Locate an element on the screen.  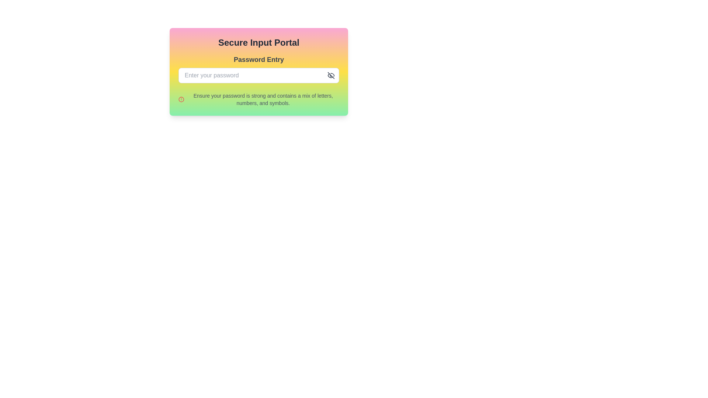
the descriptive label for the password input field, which is located directly above the password input box in the vertically structured form layout is located at coordinates (258, 59).